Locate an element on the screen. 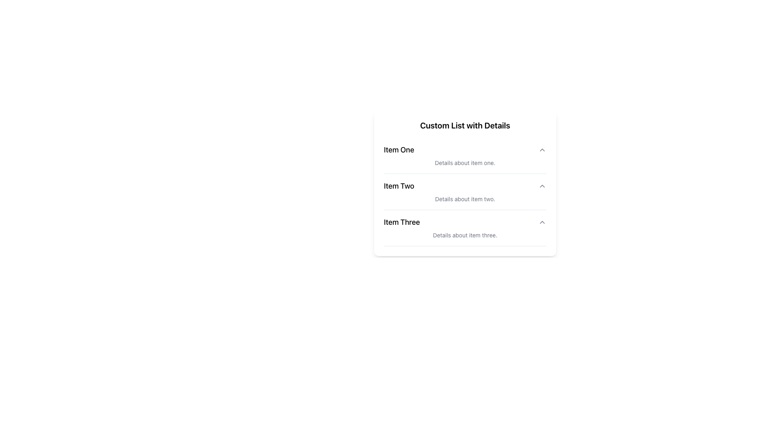 The width and height of the screenshot is (780, 439). the text label that reads 'Details about item one.' positioned below the title 'Item One' in a bordered section is located at coordinates (465, 163).